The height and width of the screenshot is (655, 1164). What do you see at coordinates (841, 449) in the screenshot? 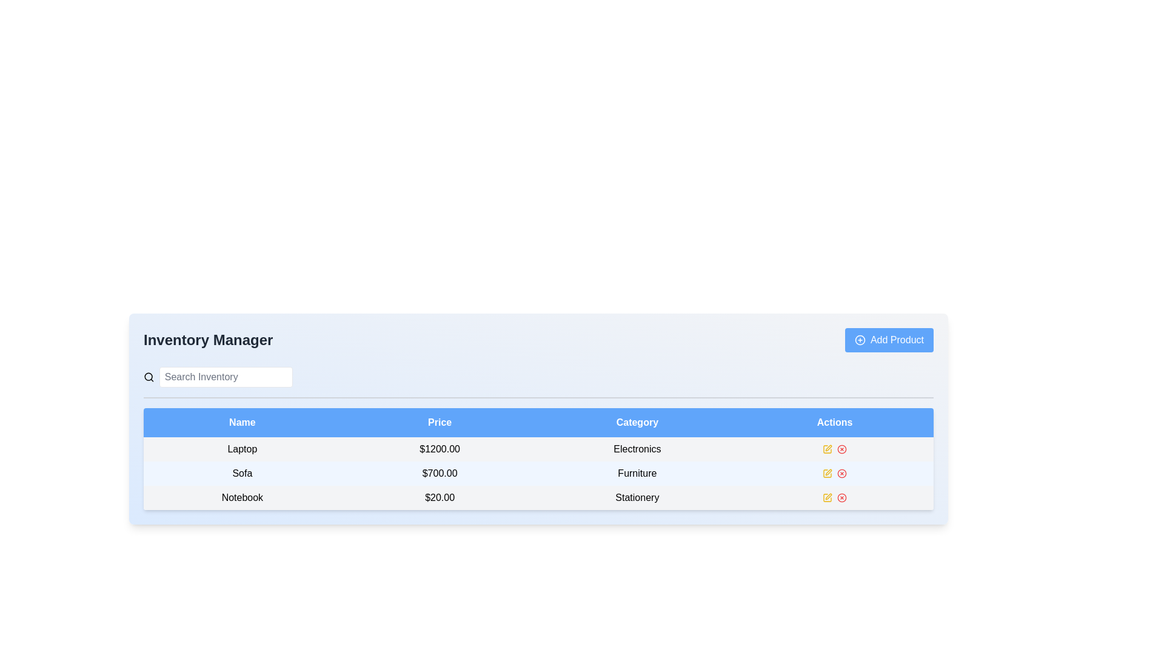
I see `the delete button in the 'Actions' column of the table corresponding to the 'Laptop' entry, located to the right of the yellow pencil icon` at bounding box center [841, 449].